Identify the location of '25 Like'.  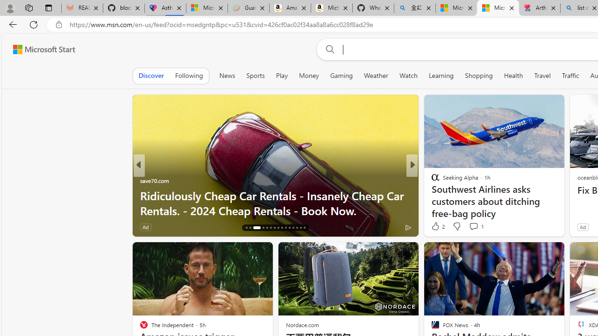
(436, 227).